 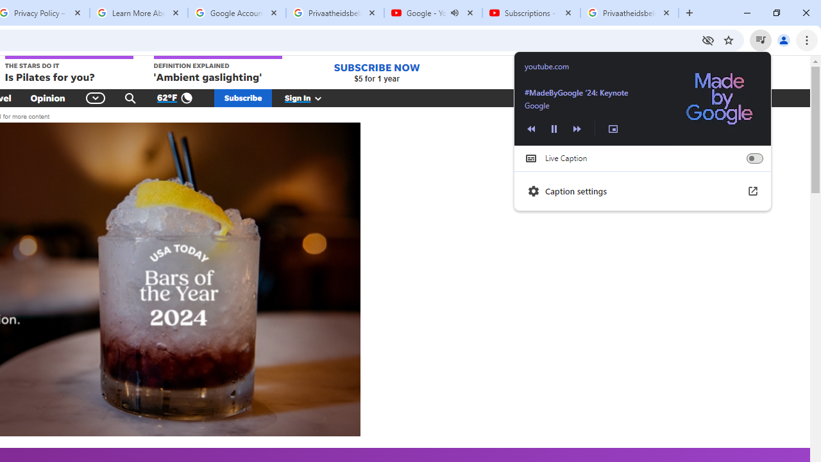 I want to click on 'Chrome', so click(x=808, y=39).